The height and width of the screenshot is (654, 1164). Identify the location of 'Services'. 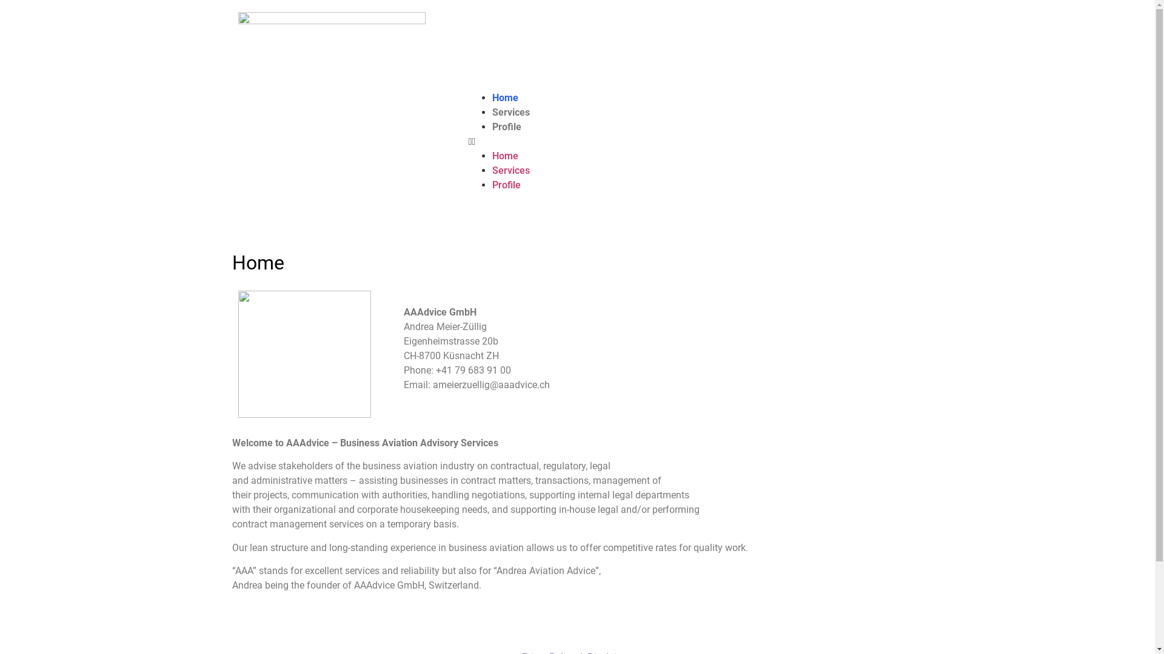
(511, 112).